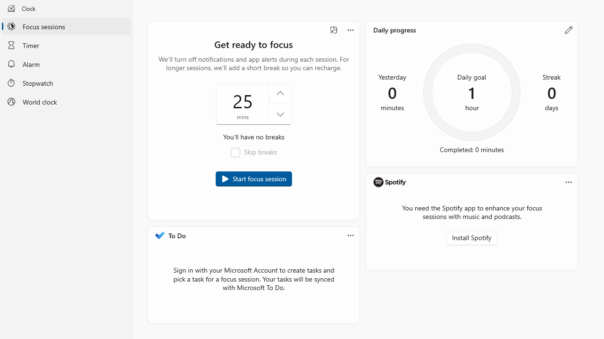 This screenshot has width=604, height=339. Describe the element at coordinates (254, 179) in the screenshot. I see `'Start focus session'` at that location.